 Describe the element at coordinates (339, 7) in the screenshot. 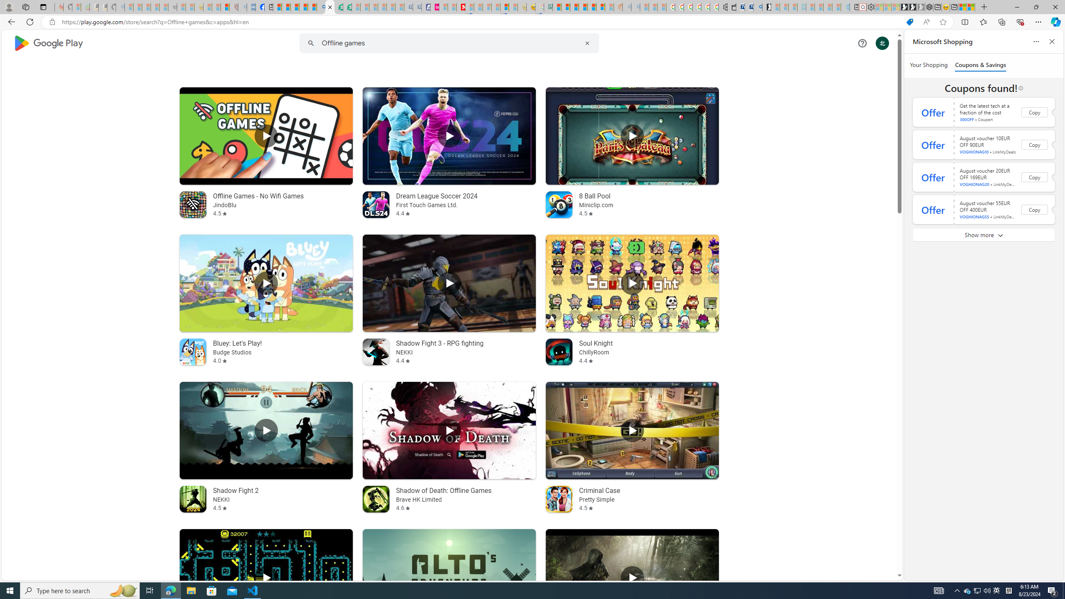

I see `'Terms of Use Agreement'` at that location.